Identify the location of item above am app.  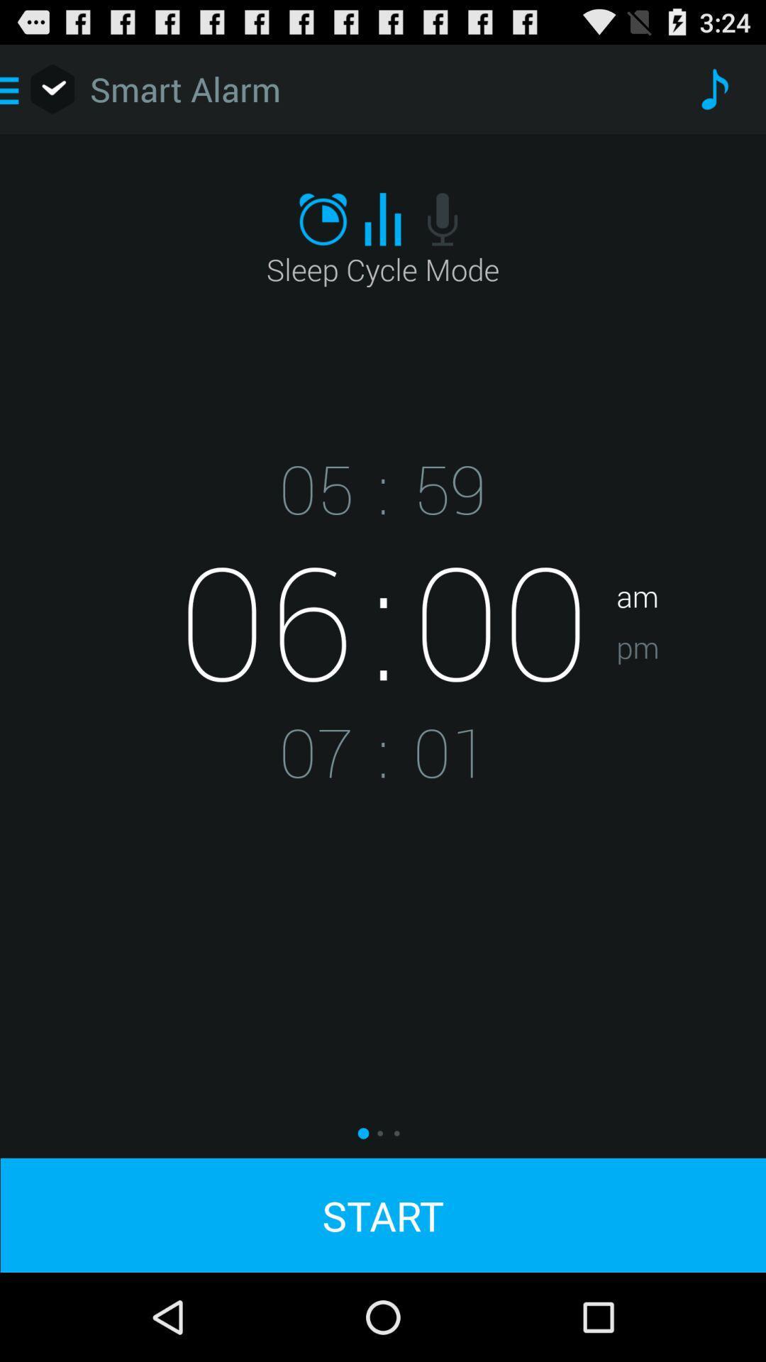
(714, 88).